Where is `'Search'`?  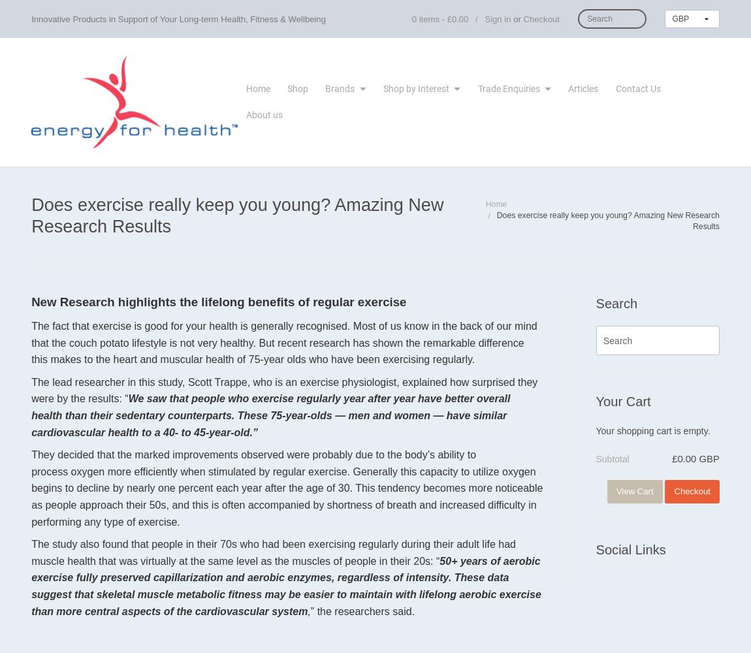 'Search' is located at coordinates (595, 302).